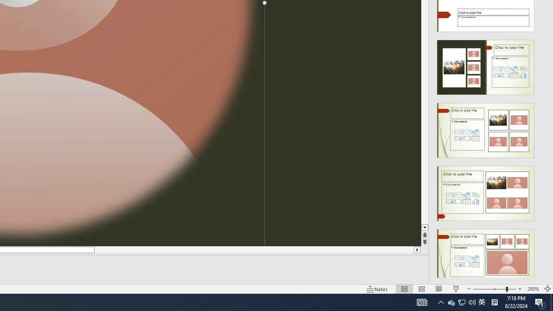 The image size is (553, 311). I want to click on 'Zoom 280%', so click(533, 289).